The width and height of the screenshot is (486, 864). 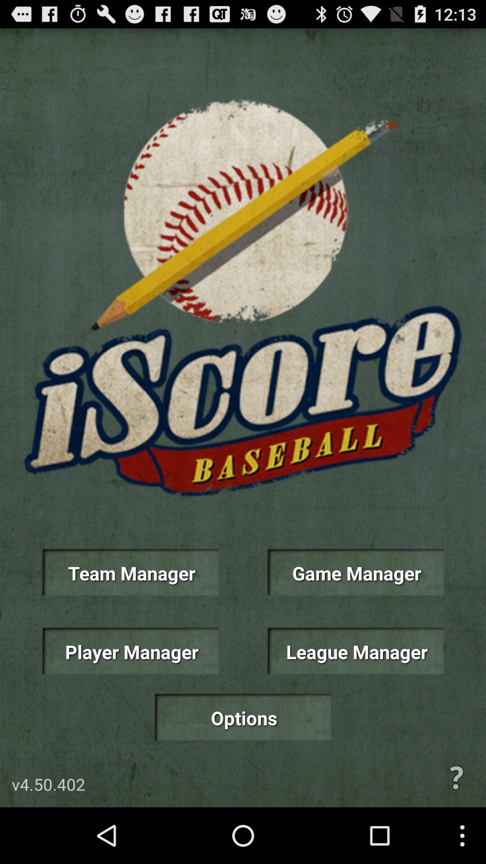 What do you see at coordinates (130, 572) in the screenshot?
I see `the team manager` at bounding box center [130, 572].